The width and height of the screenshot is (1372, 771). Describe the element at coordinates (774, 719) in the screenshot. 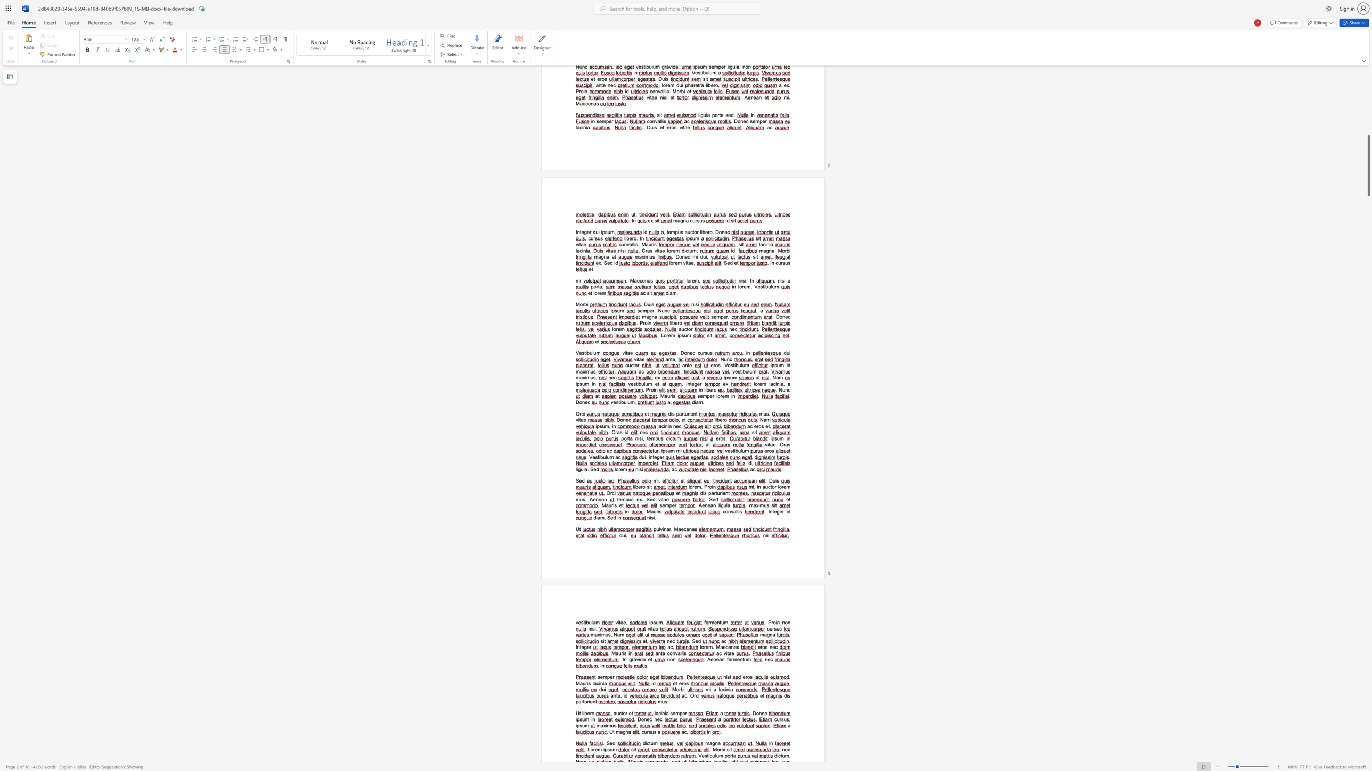

I see `the 1th character "c" in the text` at that location.